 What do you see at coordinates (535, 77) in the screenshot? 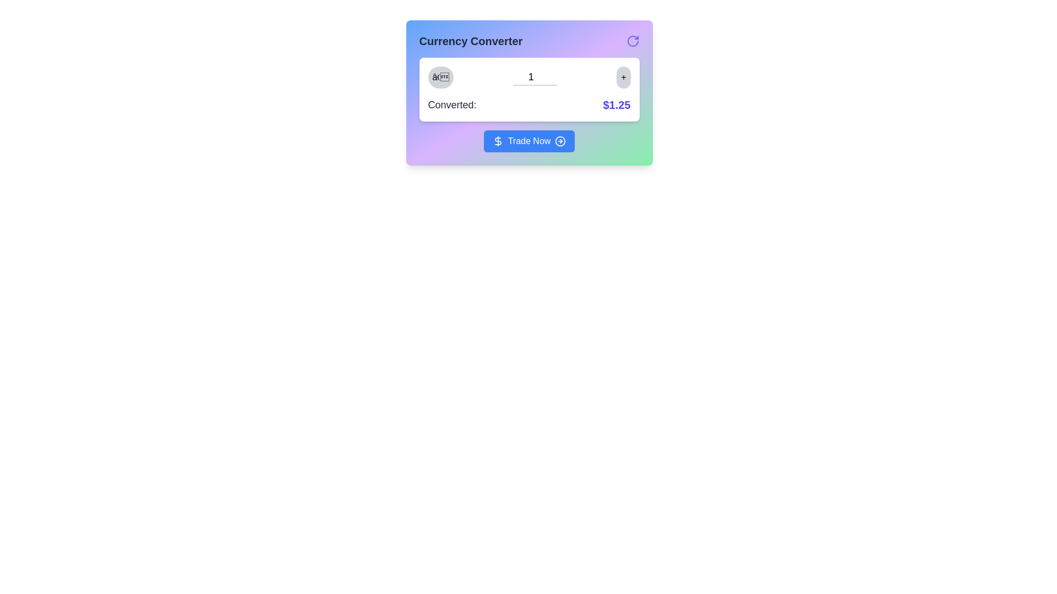
I see `the Number Input Field that displays the numeric value '1', which is centered and bordered at the bottom by a gray line` at bounding box center [535, 77].